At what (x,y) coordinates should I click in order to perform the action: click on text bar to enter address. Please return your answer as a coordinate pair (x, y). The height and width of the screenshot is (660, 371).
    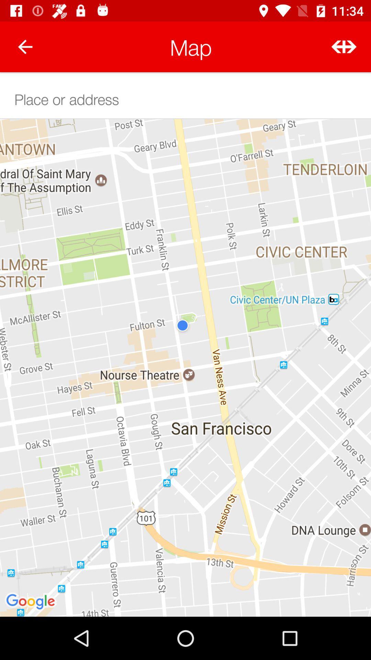
    Looking at the image, I should click on (185, 98).